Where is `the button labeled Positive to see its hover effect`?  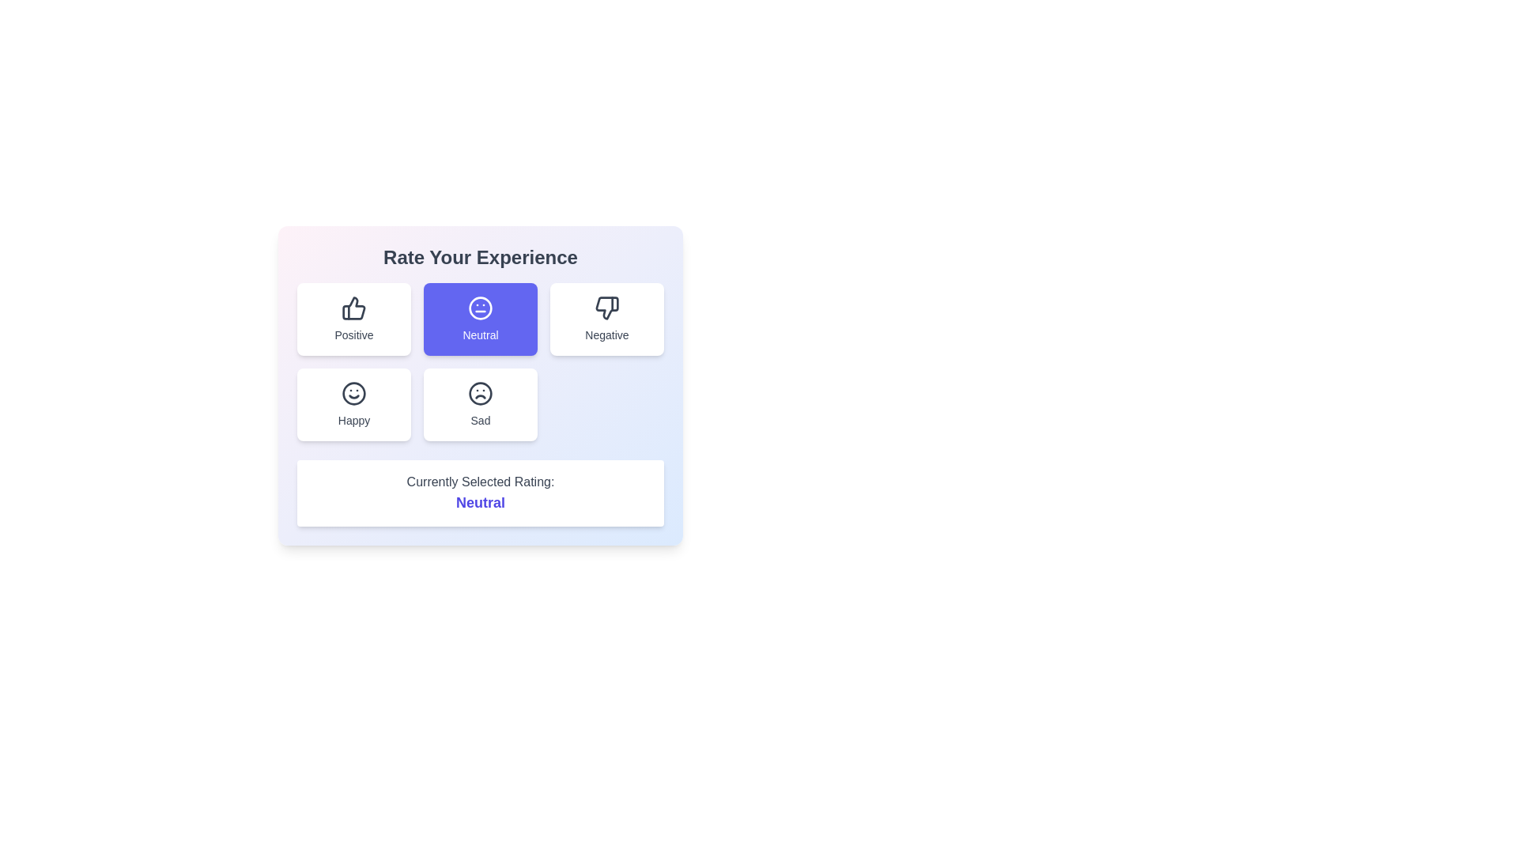
the button labeled Positive to see its hover effect is located at coordinates (353, 319).